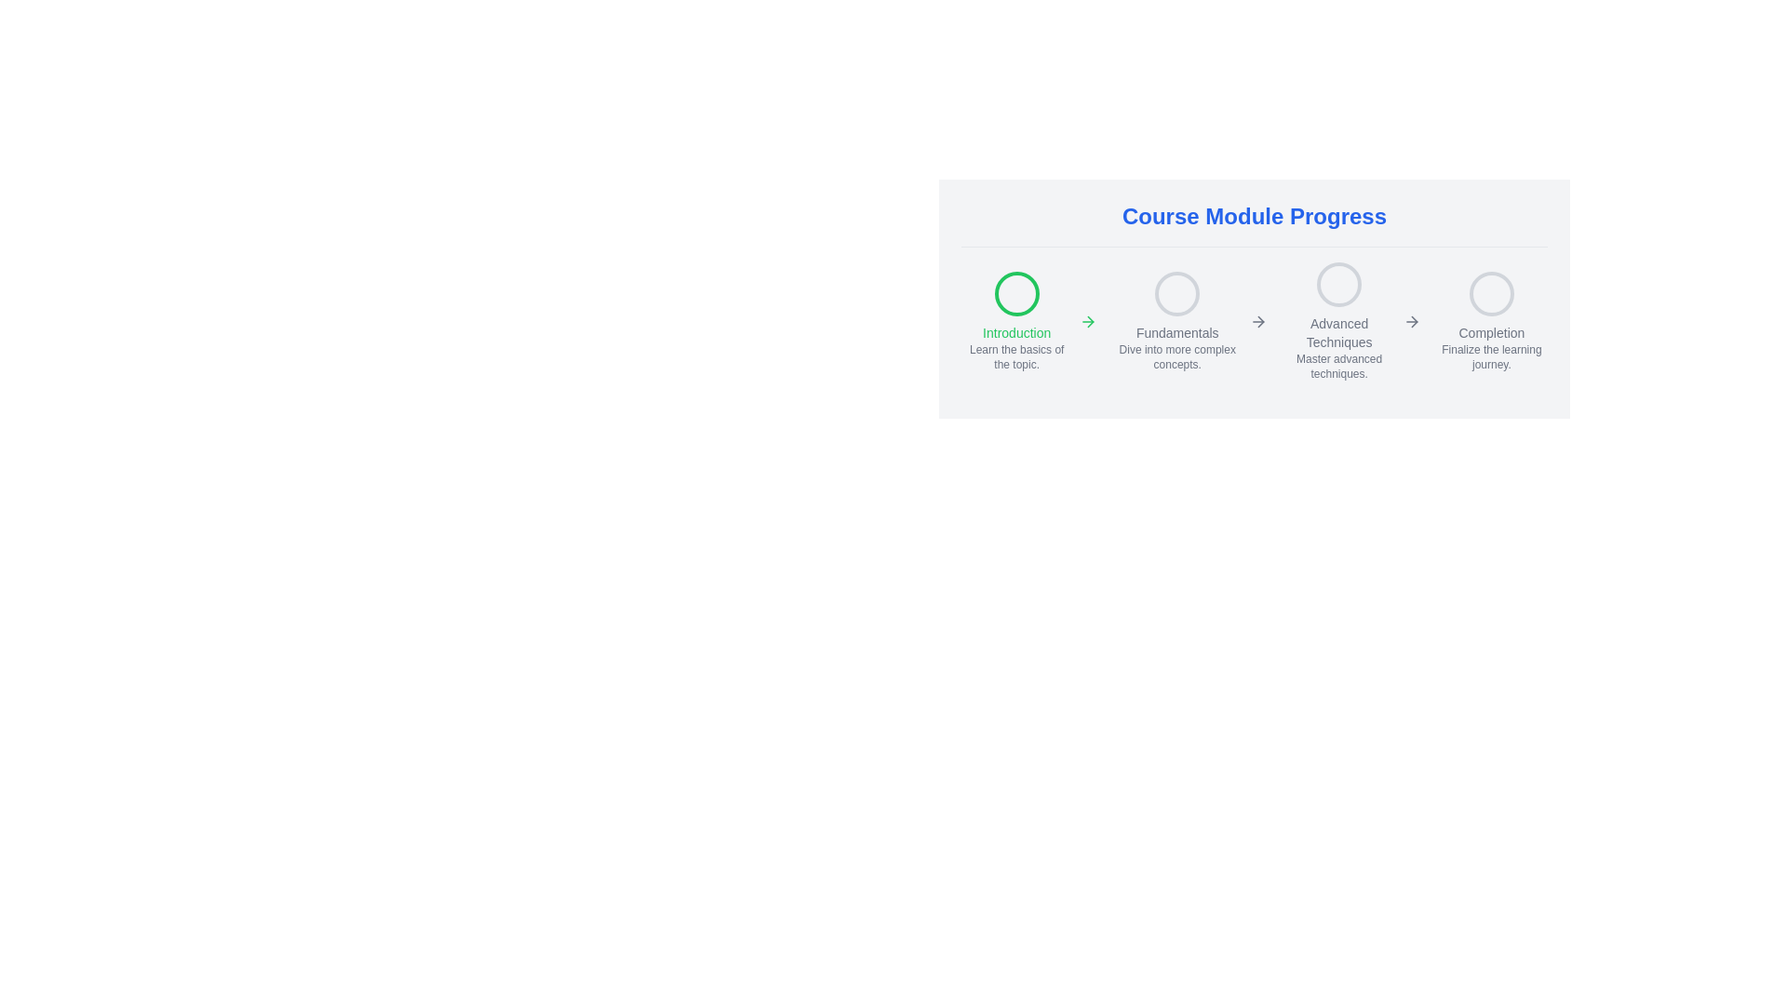 The height and width of the screenshot is (1005, 1787). What do you see at coordinates (1492, 357) in the screenshot?
I see `text label displaying 'Finalize the learning journey.' which is a small light gray text located under the 'Completion' icon` at bounding box center [1492, 357].